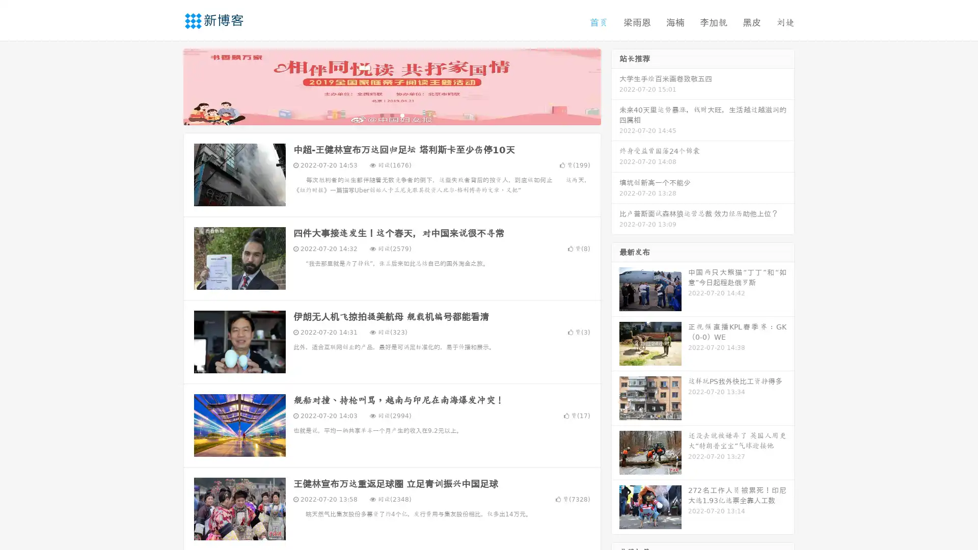 The image size is (978, 550). Describe the element at coordinates (391, 115) in the screenshot. I see `Go to slide 2` at that location.